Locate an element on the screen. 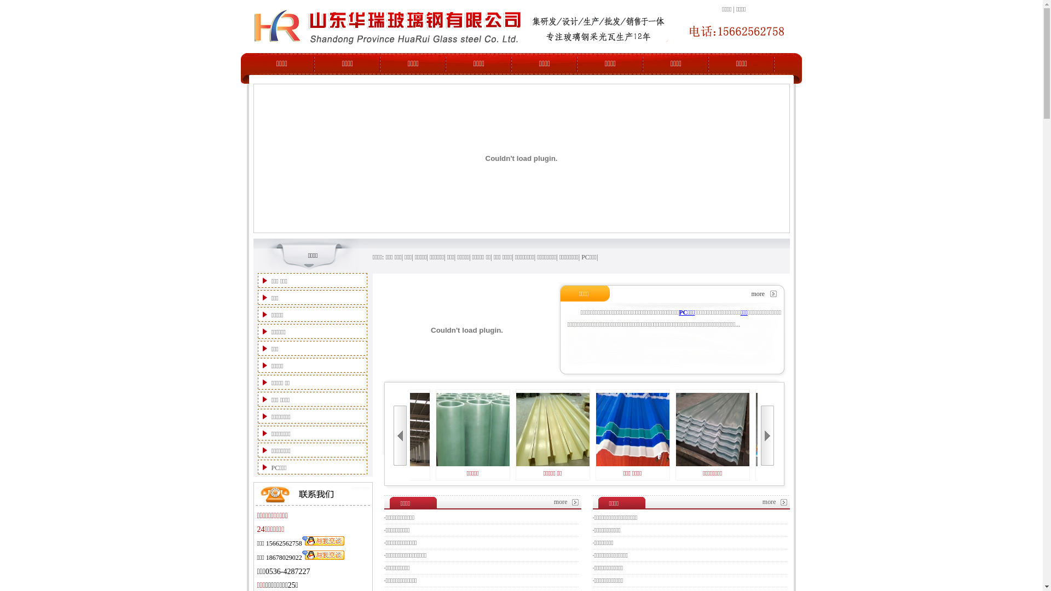 The height and width of the screenshot is (591, 1051). 'more' is located at coordinates (561, 502).